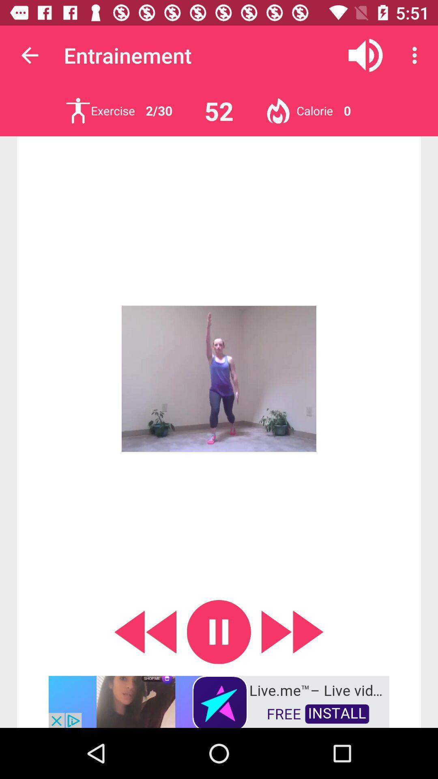  I want to click on the av_forward icon, so click(292, 631).